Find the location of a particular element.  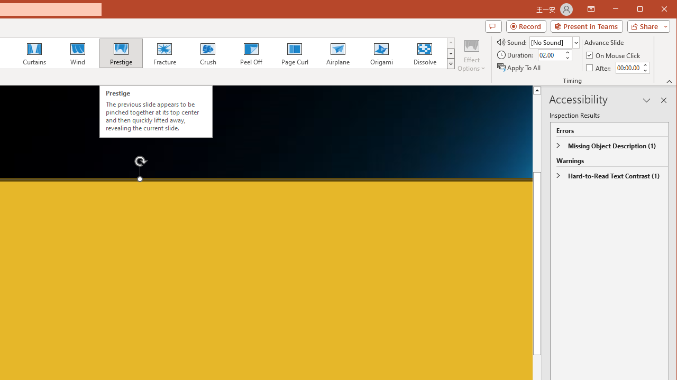

'Apply To All' is located at coordinates (520, 68).